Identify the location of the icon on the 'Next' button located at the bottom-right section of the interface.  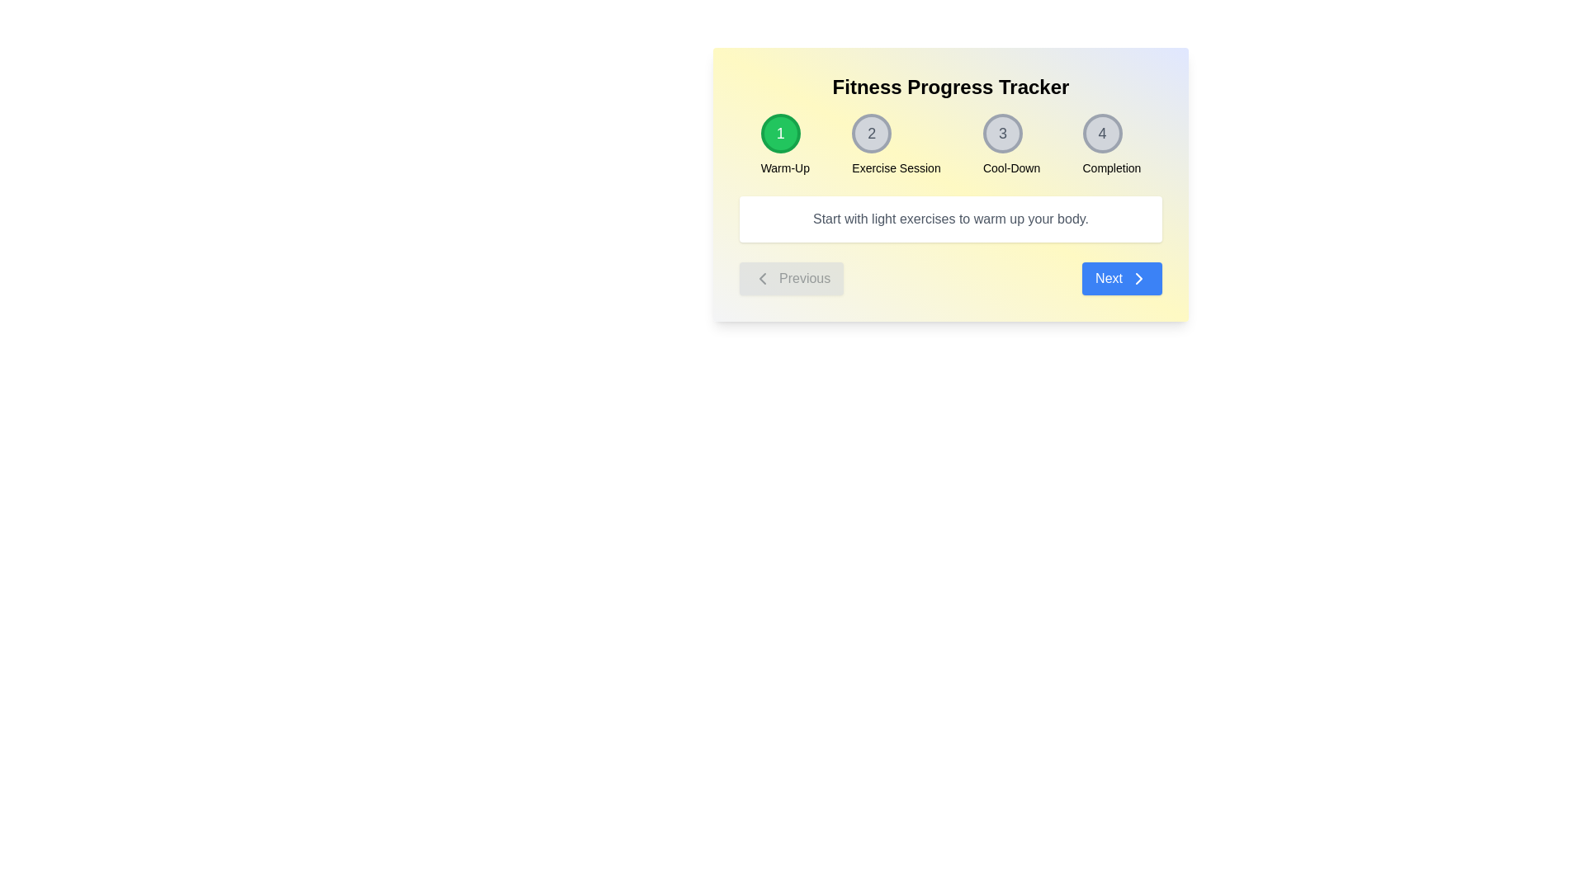
(1138, 278).